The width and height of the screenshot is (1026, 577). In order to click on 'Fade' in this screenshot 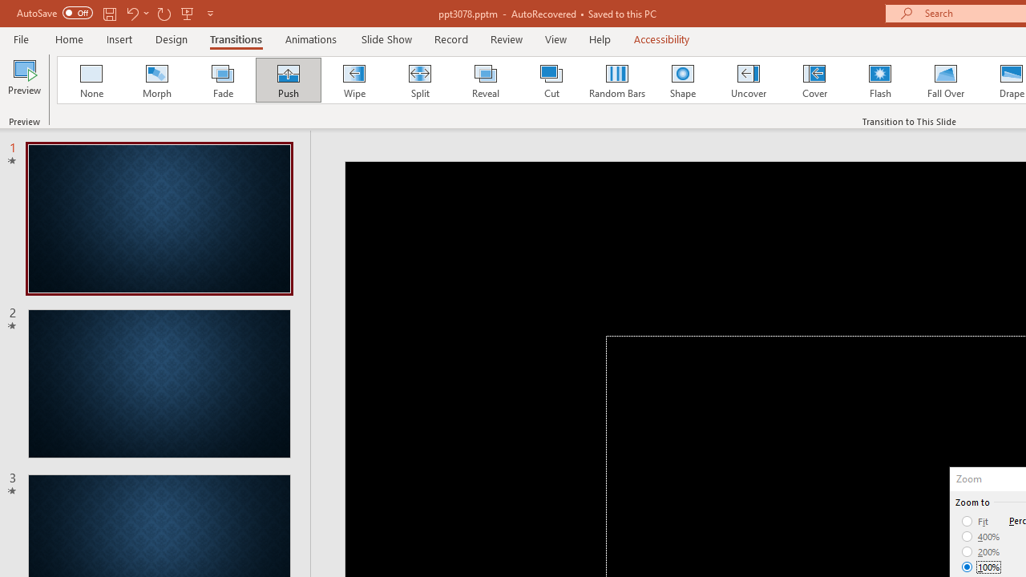, I will do `click(221, 80)`.